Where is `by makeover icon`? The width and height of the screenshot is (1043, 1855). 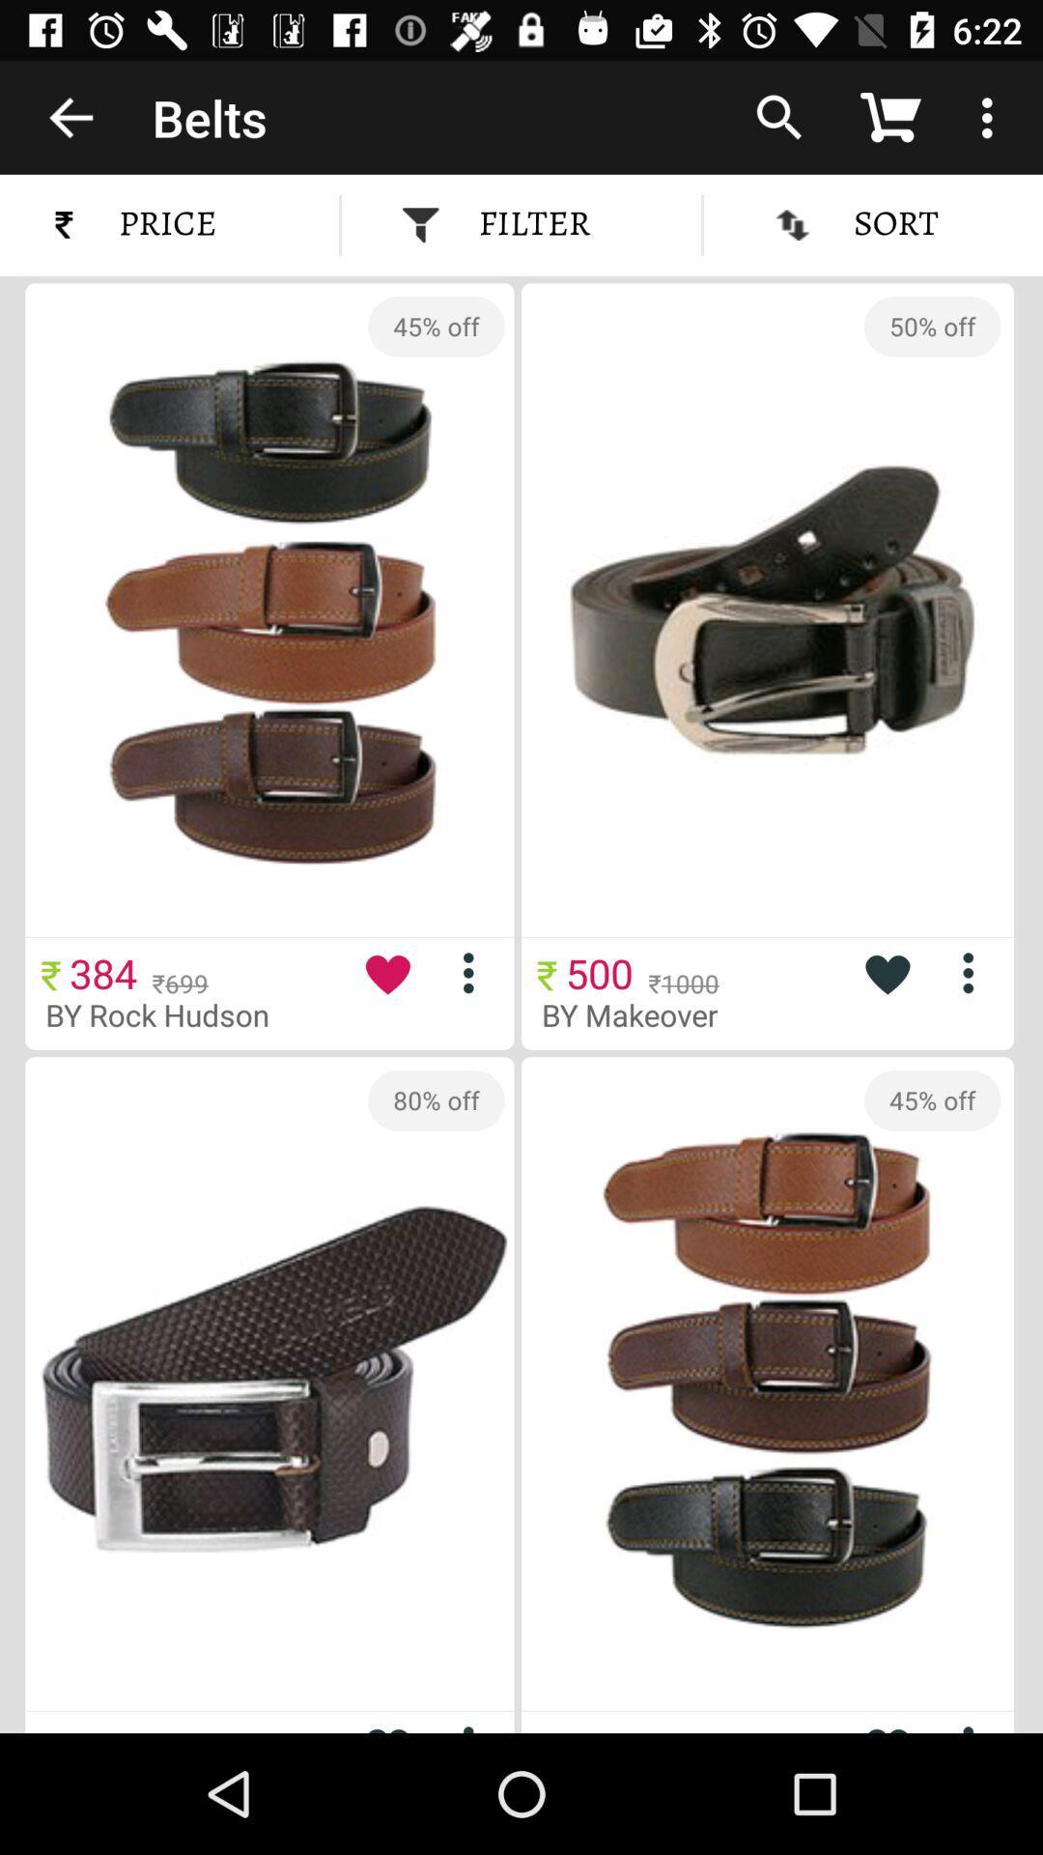
by makeover icon is located at coordinates (644, 1013).